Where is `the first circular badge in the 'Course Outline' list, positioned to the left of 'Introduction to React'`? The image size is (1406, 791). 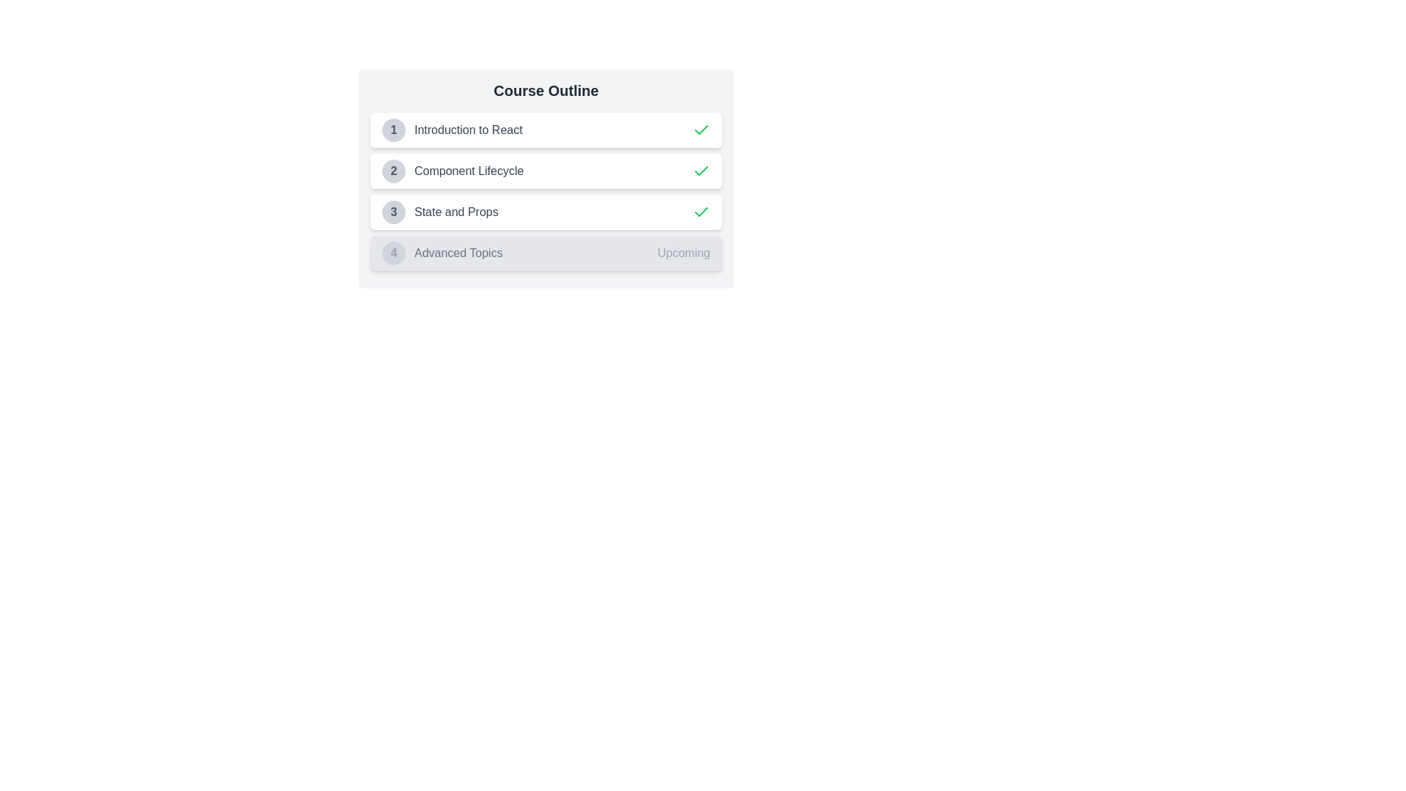 the first circular badge in the 'Course Outline' list, positioned to the left of 'Introduction to React' is located at coordinates (393, 129).